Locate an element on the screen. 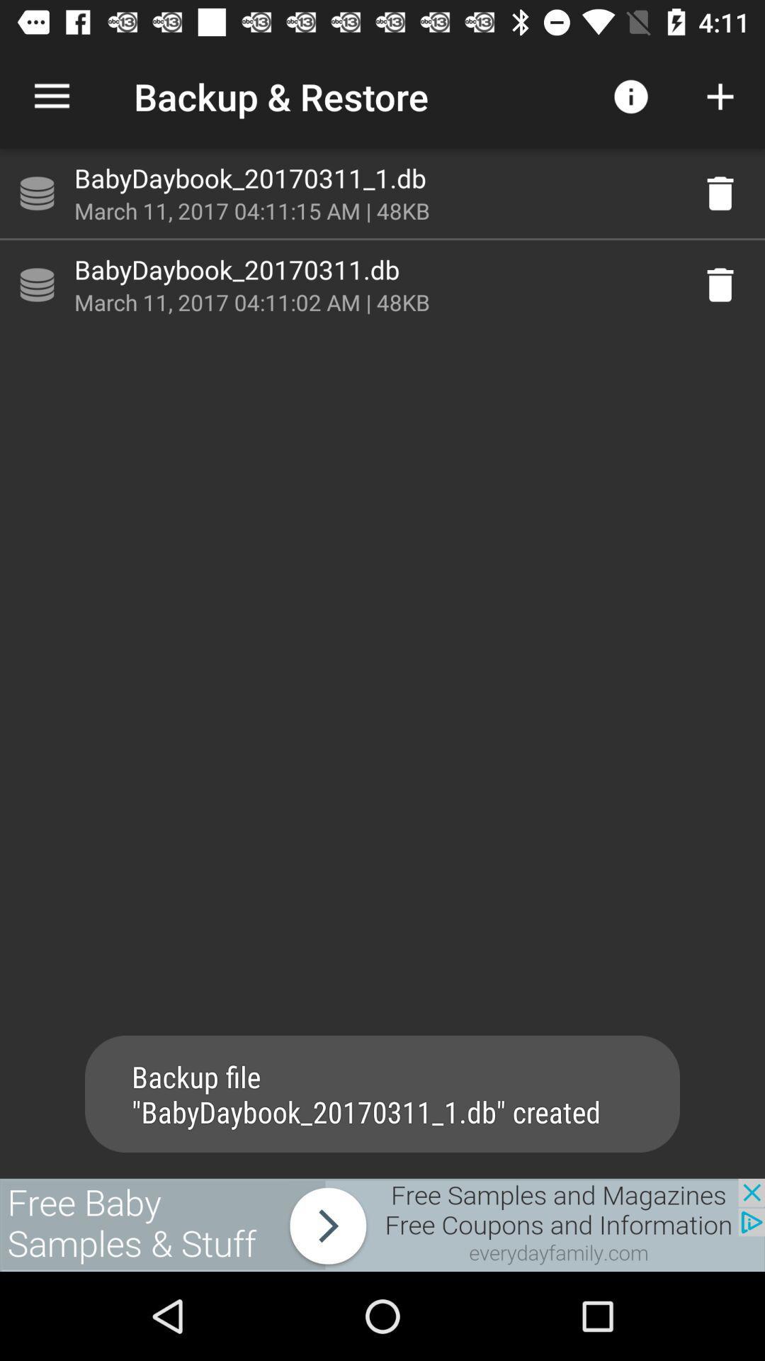  link to advertisement is located at coordinates (382, 1224).